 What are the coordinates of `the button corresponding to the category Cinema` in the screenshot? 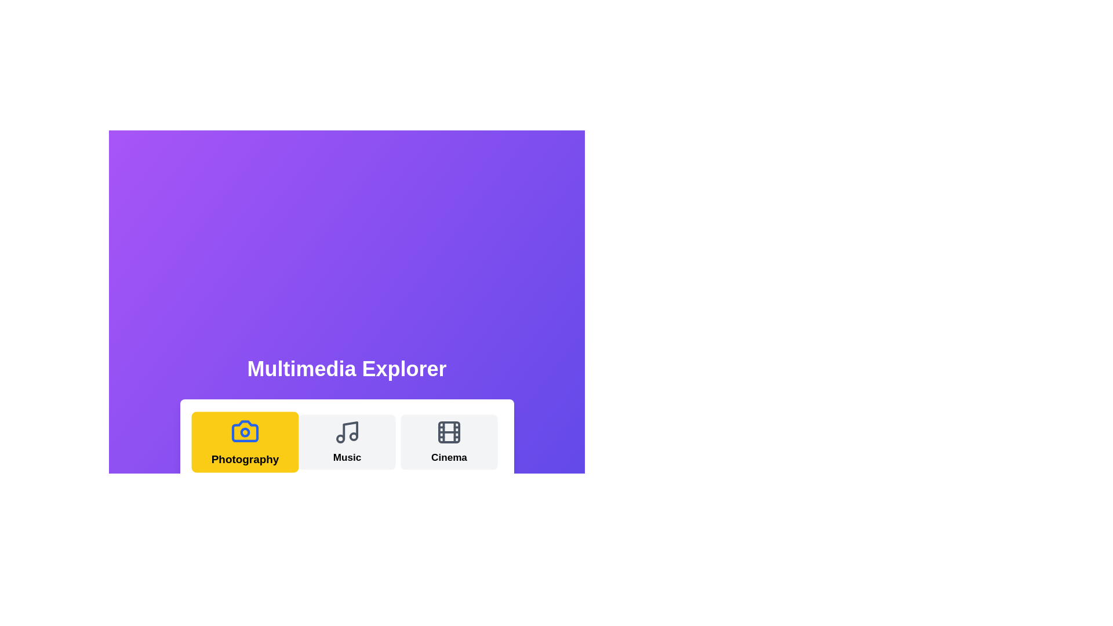 It's located at (448, 442).